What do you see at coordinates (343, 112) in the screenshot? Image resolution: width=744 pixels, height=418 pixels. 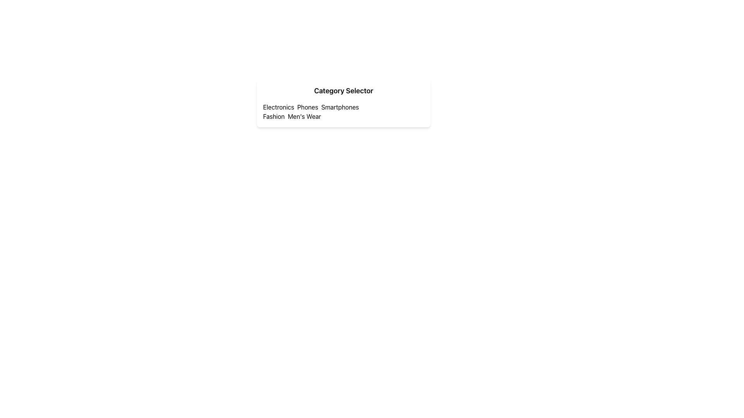 I see `the text content area displaying the categories 'Electronics Phones Smartphones' and 'Fashion Men's Wear', located under the header 'Category Selector'` at bounding box center [343, 112].